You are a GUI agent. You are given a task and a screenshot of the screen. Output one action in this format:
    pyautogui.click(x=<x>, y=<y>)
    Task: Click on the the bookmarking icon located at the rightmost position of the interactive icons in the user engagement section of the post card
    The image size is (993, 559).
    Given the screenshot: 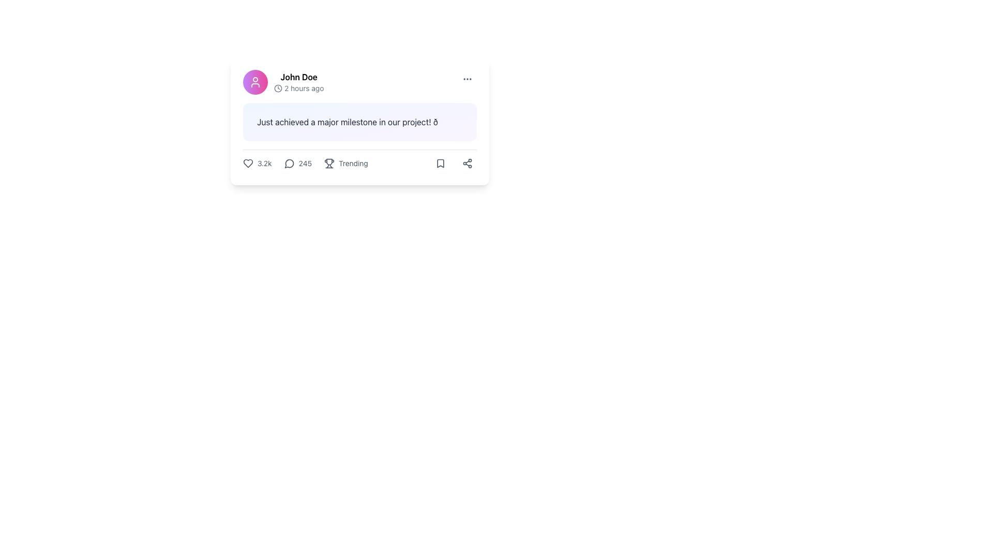 What is the action you would take?
    pyautogui.click(x=440, y=163)
    